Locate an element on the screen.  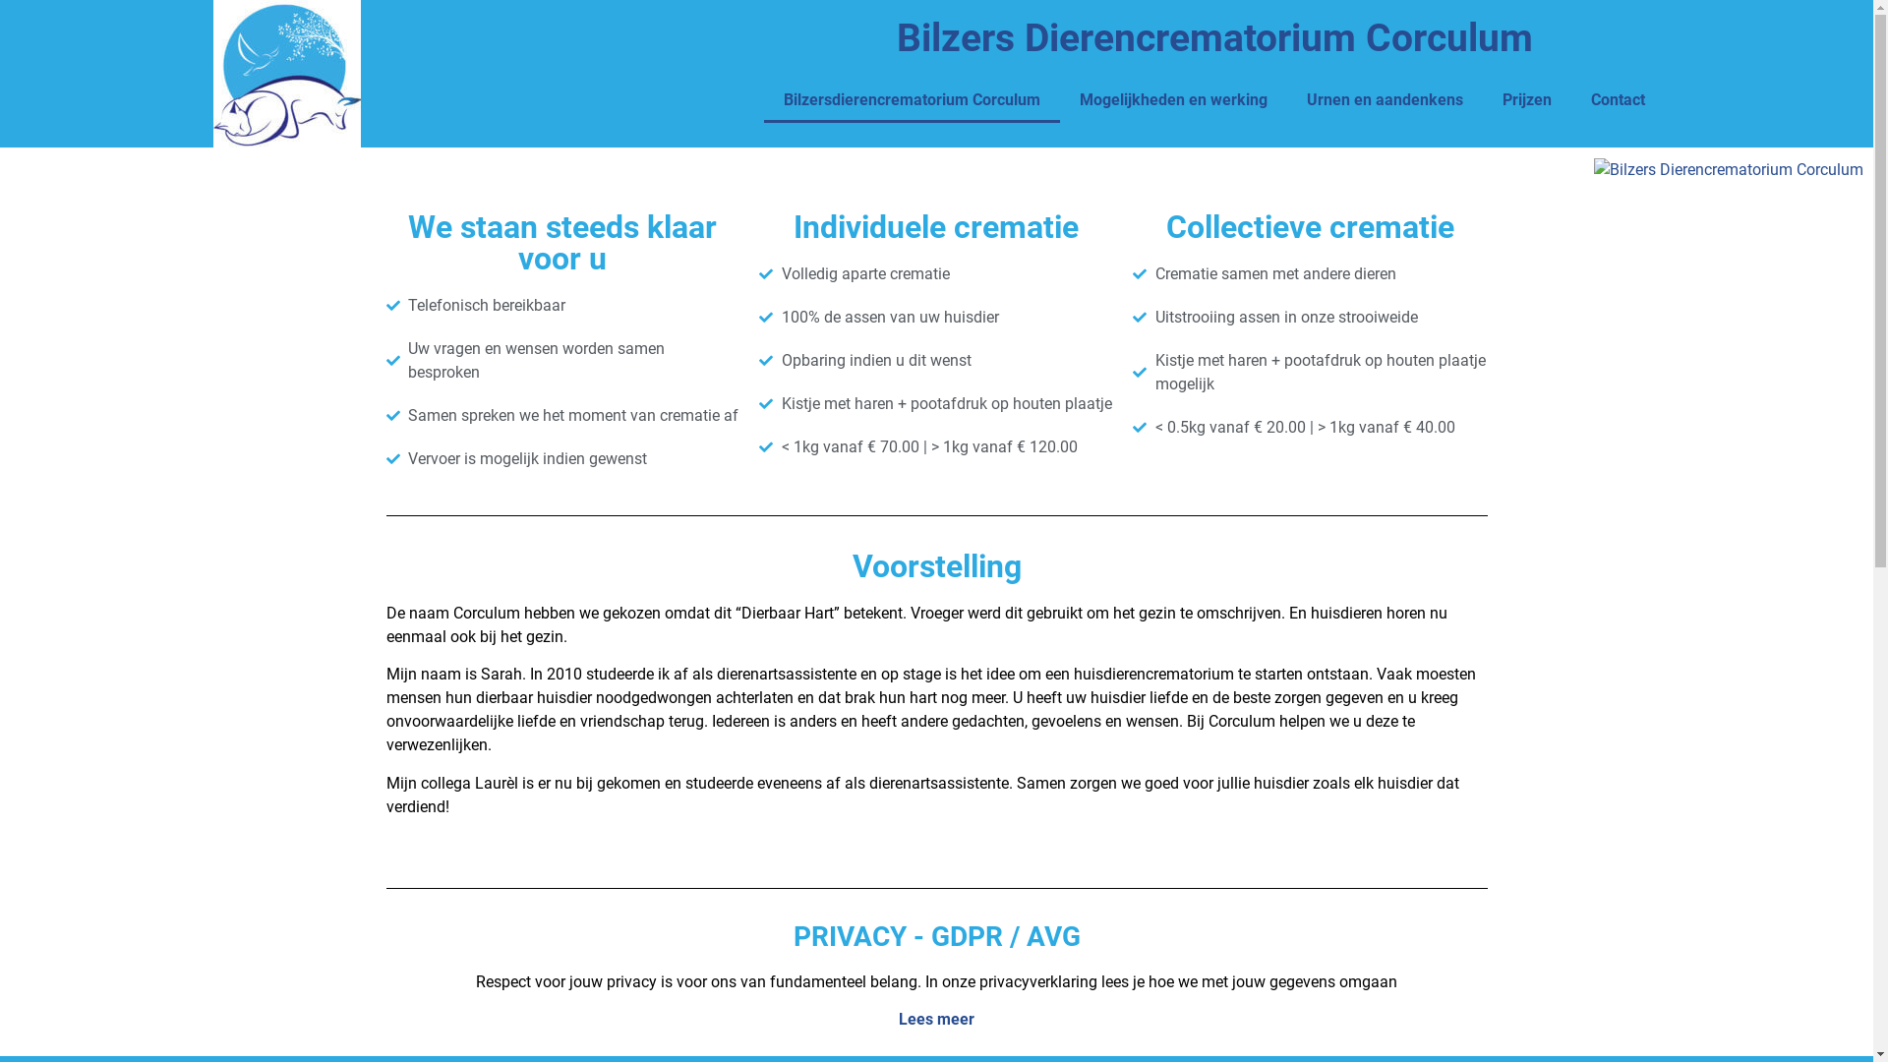
'Mogelijkheden en werking' is located at coordinates (1173, 99).